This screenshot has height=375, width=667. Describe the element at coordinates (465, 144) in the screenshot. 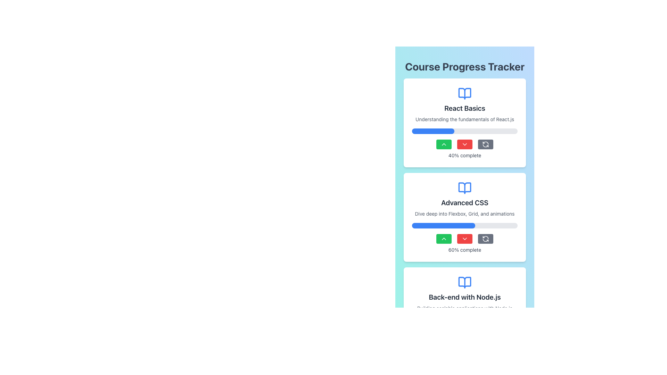

I see `the second button in the 'Course Progress Tracker' section labeled 'React Basics', which features a downward-pointing chevron icon` at that location.